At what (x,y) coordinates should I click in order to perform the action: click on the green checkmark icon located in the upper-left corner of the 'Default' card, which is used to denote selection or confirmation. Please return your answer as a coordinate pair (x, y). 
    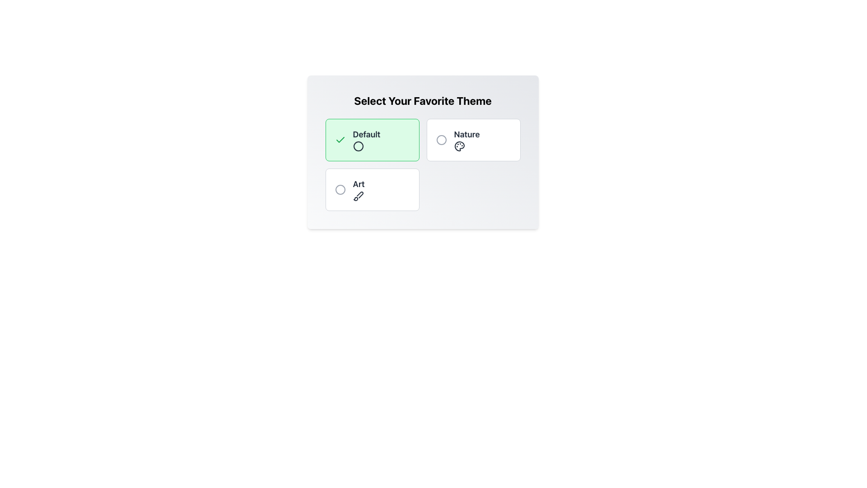
    Looking at the image, I should click on (340, 140).